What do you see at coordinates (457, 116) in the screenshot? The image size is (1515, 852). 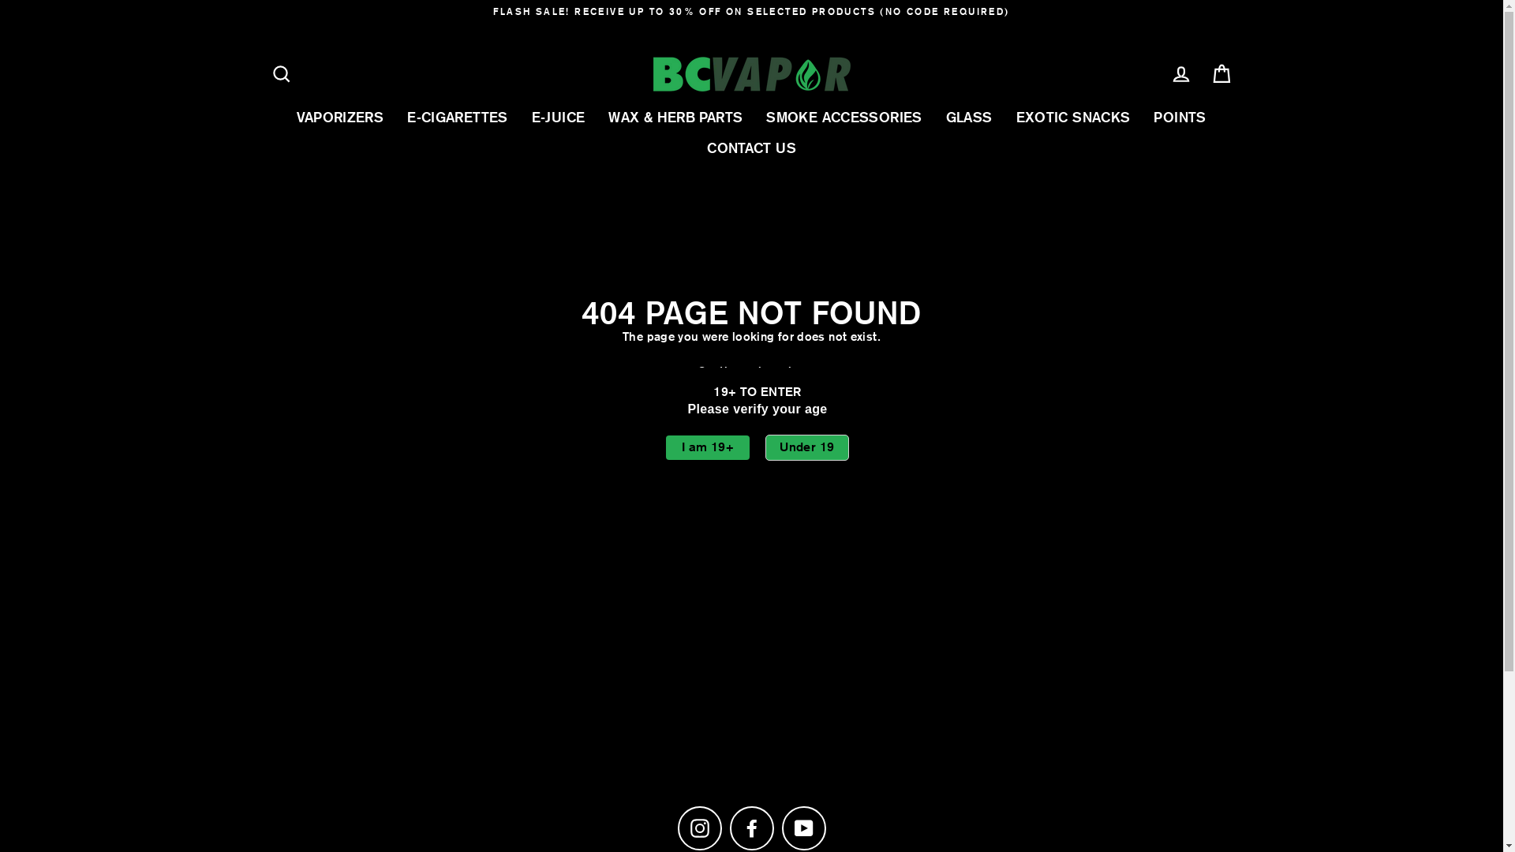 I see `'E-CIGARETTES'` at bounding box center [457, 116].